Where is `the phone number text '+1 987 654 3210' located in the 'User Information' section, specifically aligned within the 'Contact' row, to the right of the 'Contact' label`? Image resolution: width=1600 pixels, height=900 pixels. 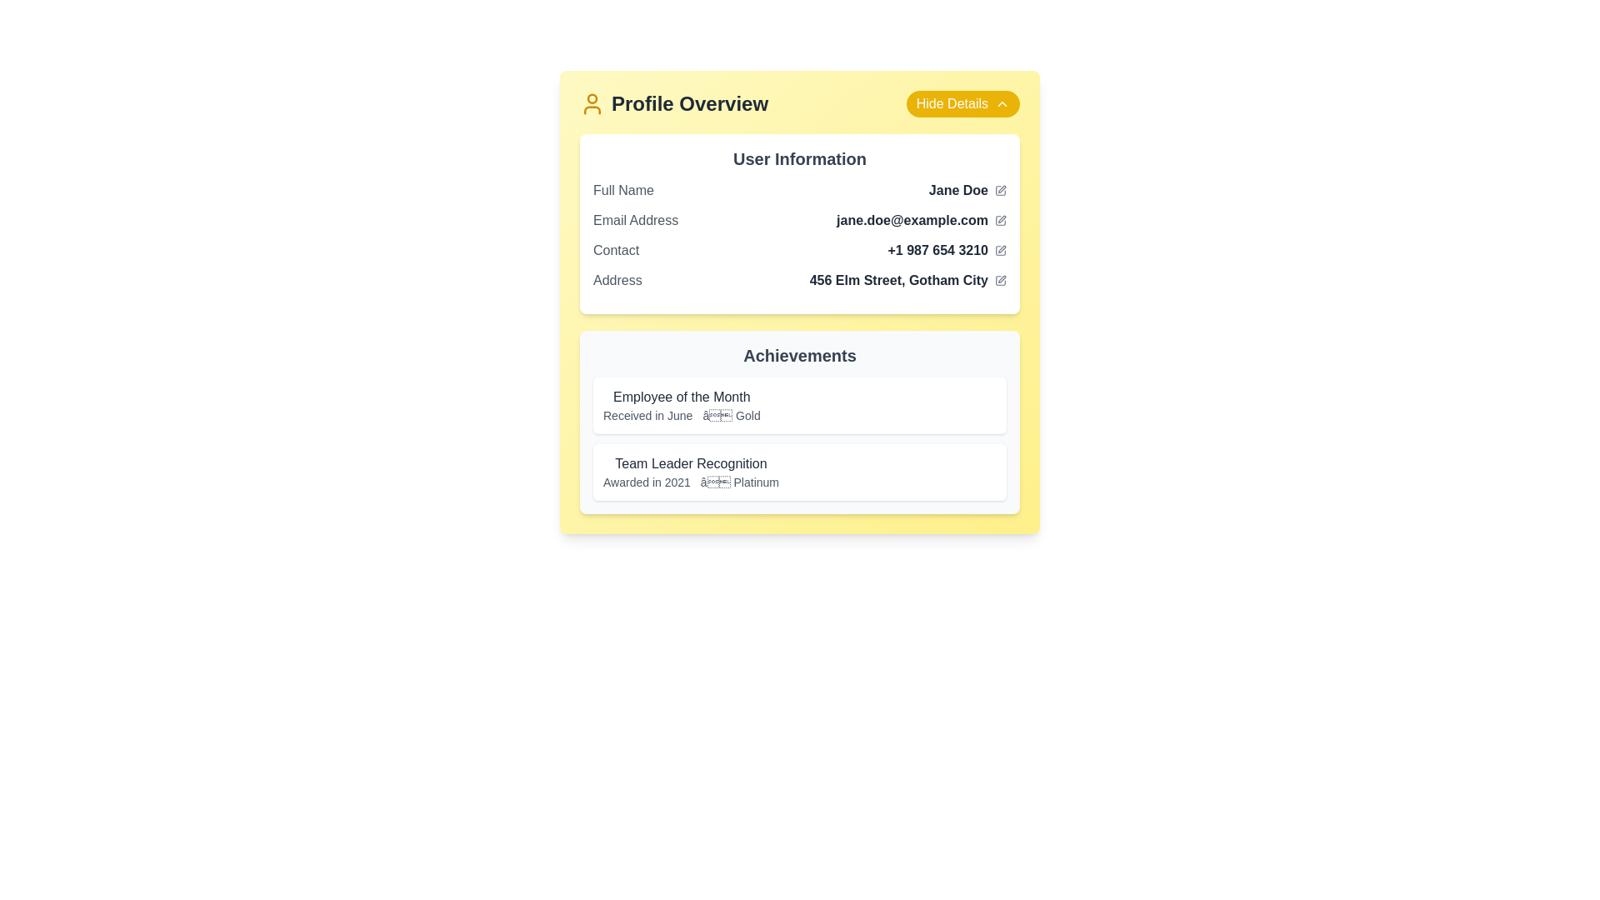 the phone number text '+1 987 654 3210' located in the 'User Information' section, specifically aligned within the 'Contact' row, to the right of the 'Contact' label is located at coordinates (947, 250).